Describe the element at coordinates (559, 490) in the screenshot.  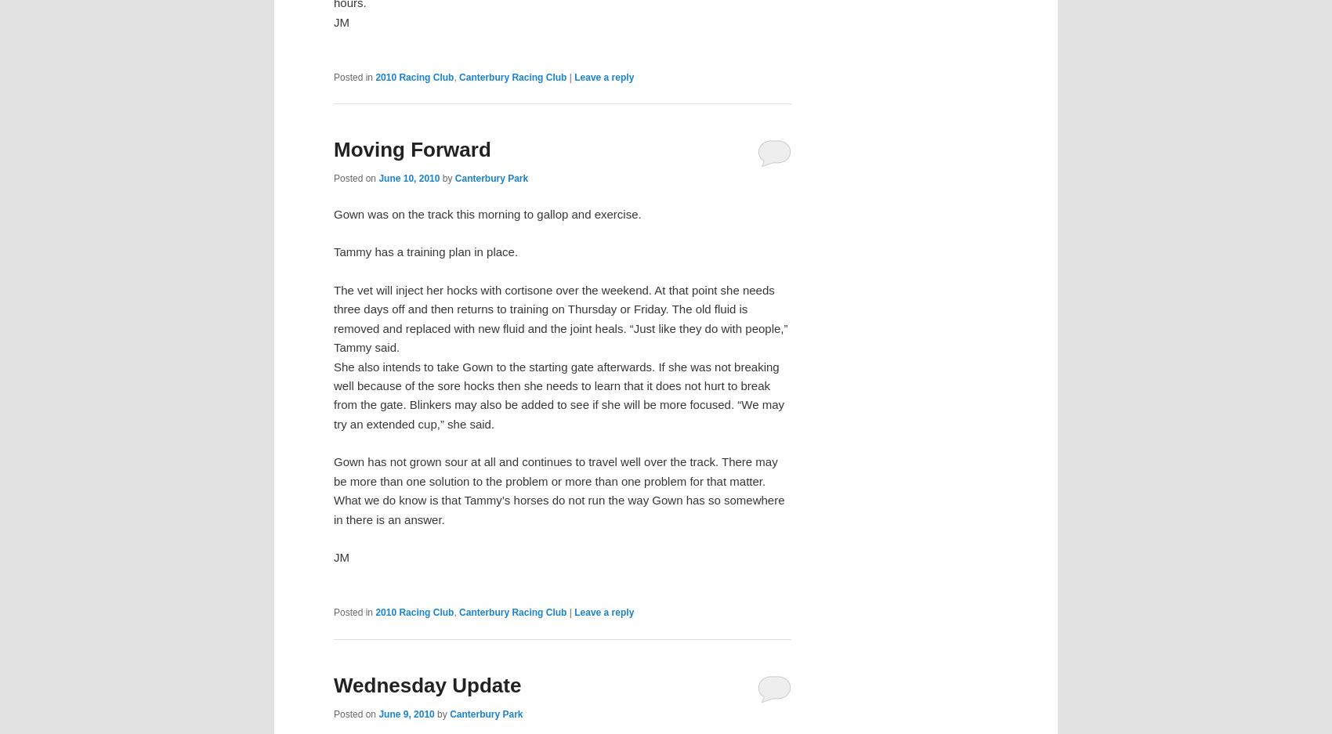
I see `'Gown has not grown sour at all and continues to travel well over the track. There may be more than one solution to the problem or more than one problem for that matter.  What we do know is that Tammy’s horses do not run the way Gown has so somewhere in there is an answer.'` at that location.